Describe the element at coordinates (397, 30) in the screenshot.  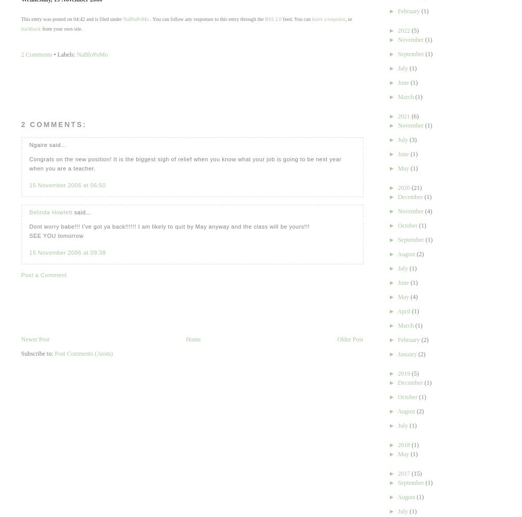
I see `'2022'` at that location.